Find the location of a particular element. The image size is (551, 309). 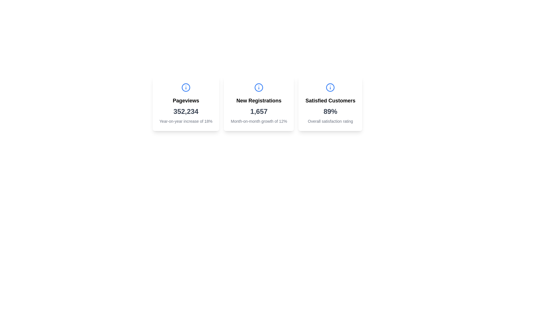

the percentage text indicating customer satisfaction in the 'Satisfied Customers' card, which is the third card in a row of three similar cards is located at coordinates (330, 111).